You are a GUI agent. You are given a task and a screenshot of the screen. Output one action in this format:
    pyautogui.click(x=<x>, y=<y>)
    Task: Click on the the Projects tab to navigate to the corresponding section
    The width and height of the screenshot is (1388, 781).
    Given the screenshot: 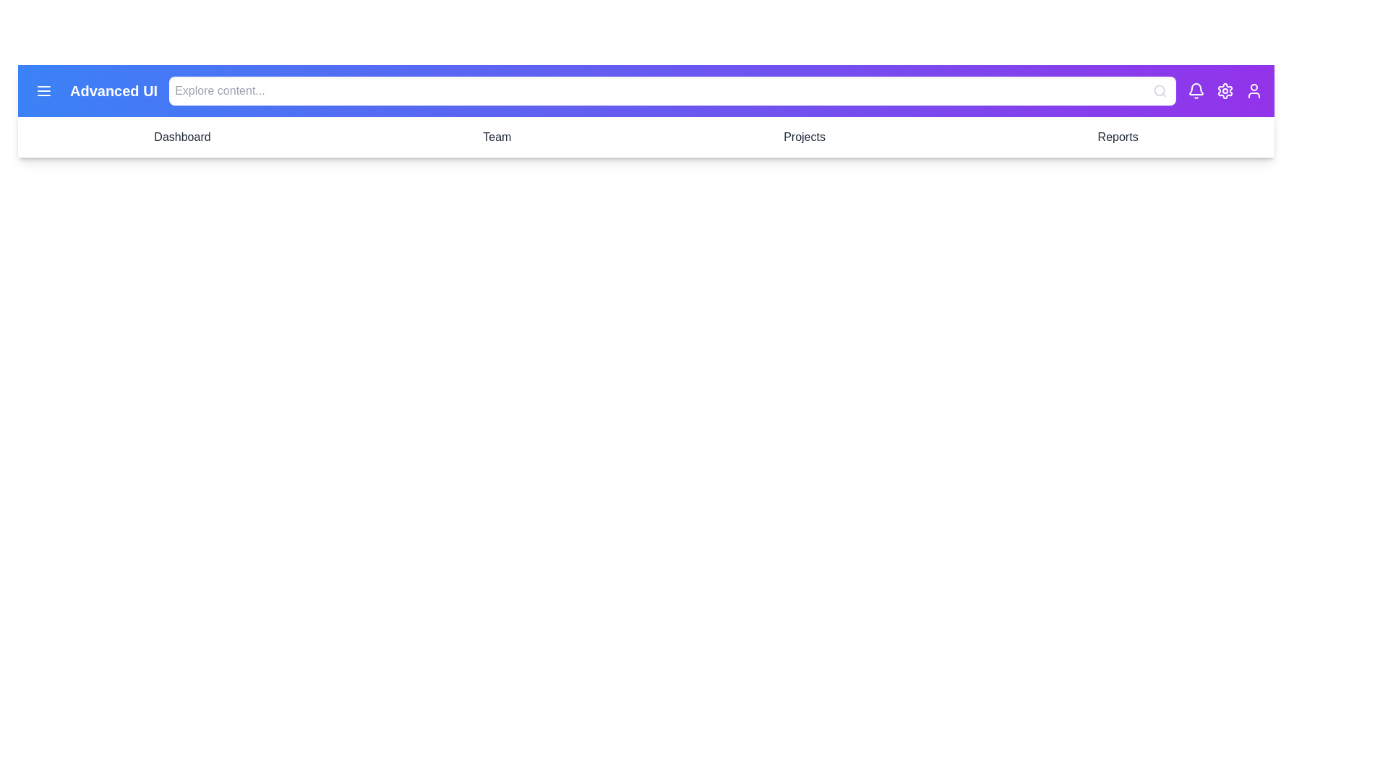 What is the action you would take?
    pyautogui.click(x=804, y=137)
    